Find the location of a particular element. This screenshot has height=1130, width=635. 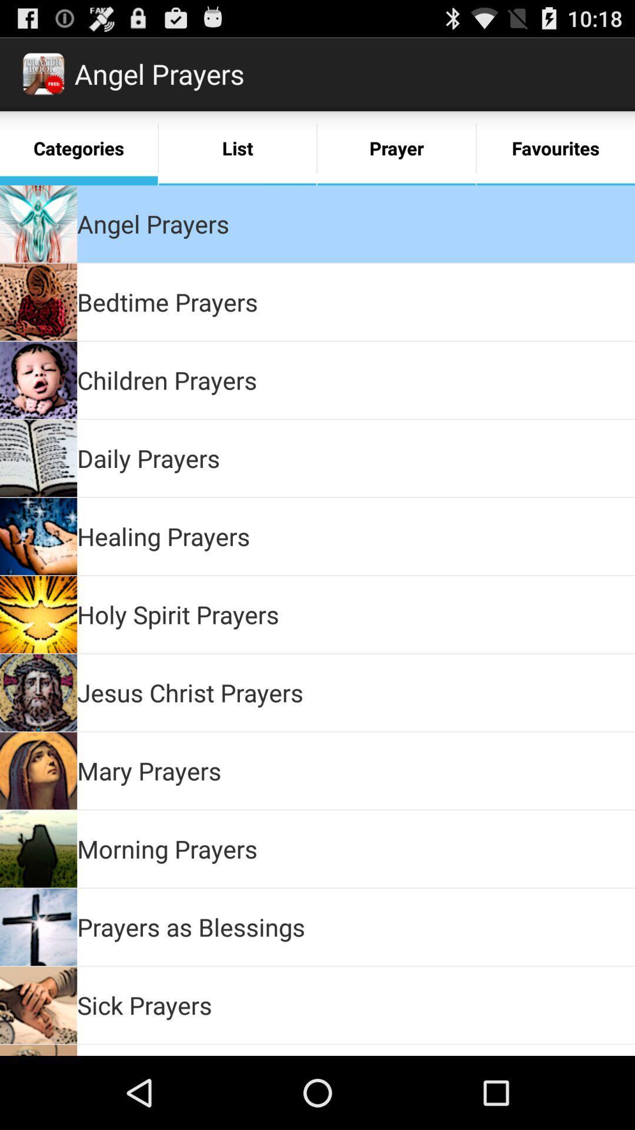

healing prayers icon is located at coordinates (163, 536).